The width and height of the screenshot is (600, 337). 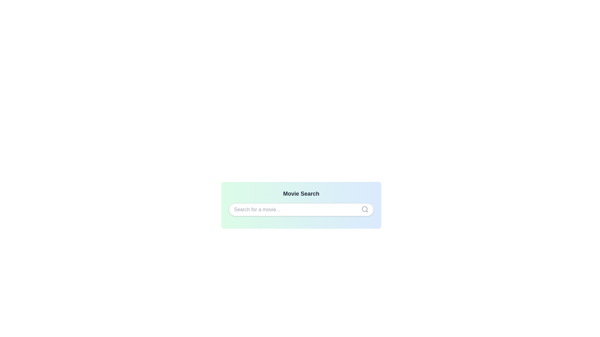 I want to click on the input field of the Search panel to focus on it, enabling the user to enter movie names for searching, so click(x=301, y=205).